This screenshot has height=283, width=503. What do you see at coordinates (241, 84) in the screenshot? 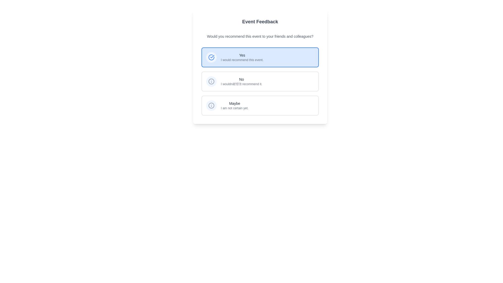
I see `the text label stating 'I wouldn’t recommend it.' which is located beneath the 'No' selection option in the feedback form` at bounding box center [241, 84].